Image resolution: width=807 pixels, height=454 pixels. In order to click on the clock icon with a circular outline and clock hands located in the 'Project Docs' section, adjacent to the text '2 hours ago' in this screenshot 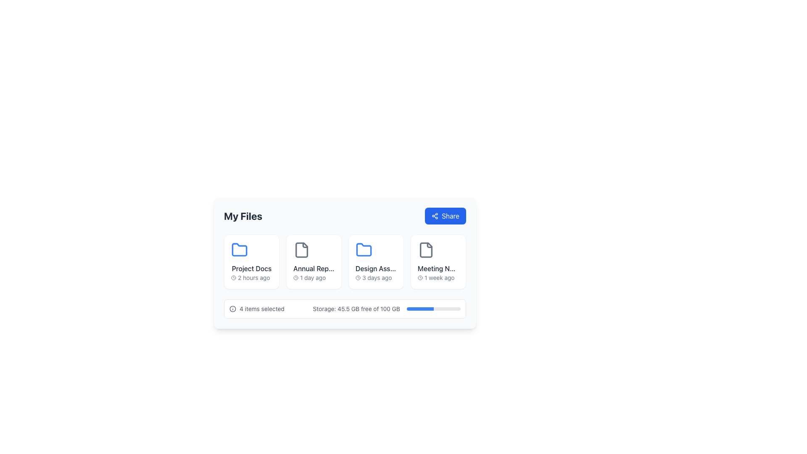, I will do `click(234, 277)`.